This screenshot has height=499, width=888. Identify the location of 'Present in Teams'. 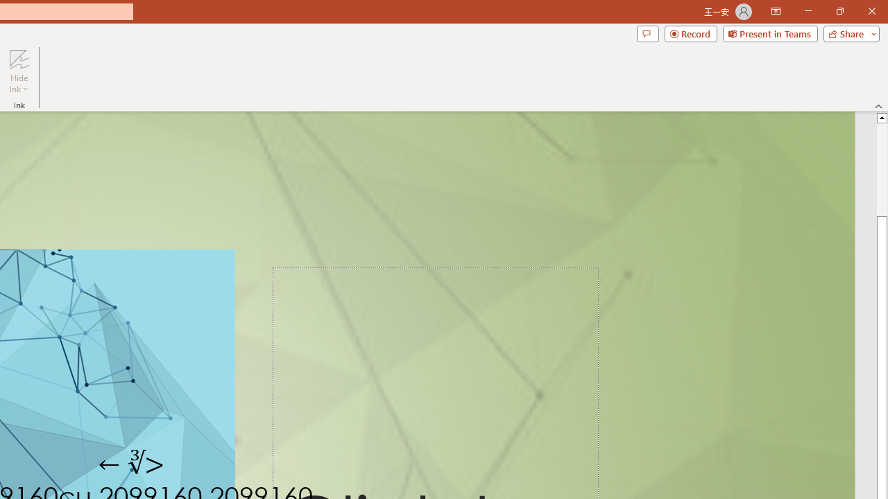
(769, 33).